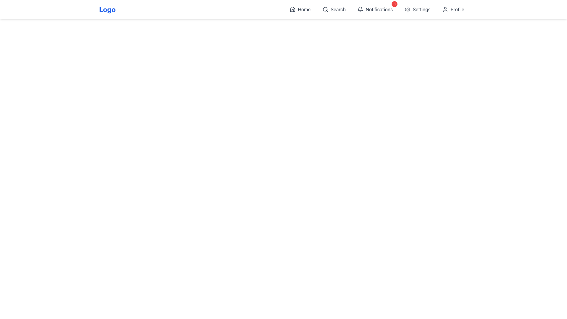  What do you see at coordinates (292, 9) in the screenshot?
I see `the 'Home' icon in the top navigation bar` at bounding box center [292, 9].